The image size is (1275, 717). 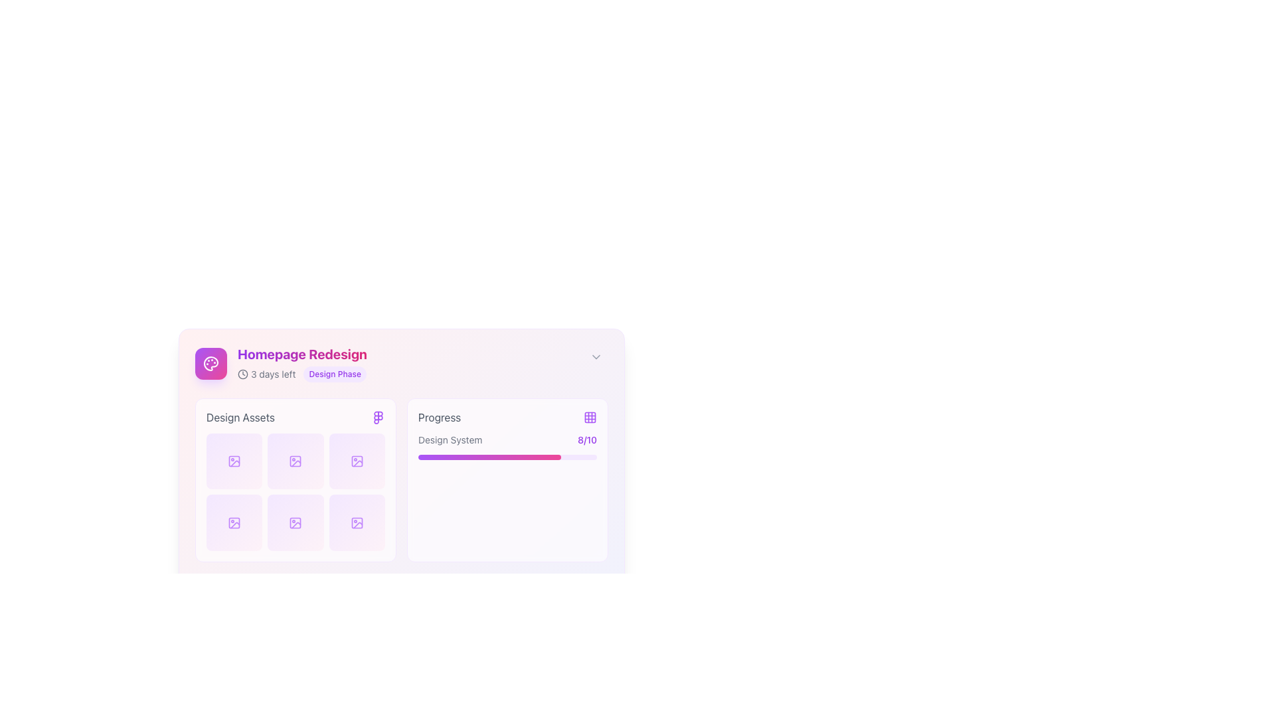 What do you see at coordinates (234, 461) in the screenshot?
I see `the square icon with a gradient background and a landscape picture symbol from its position in the 'Design Assets' section` at bounding box center [234, 461].